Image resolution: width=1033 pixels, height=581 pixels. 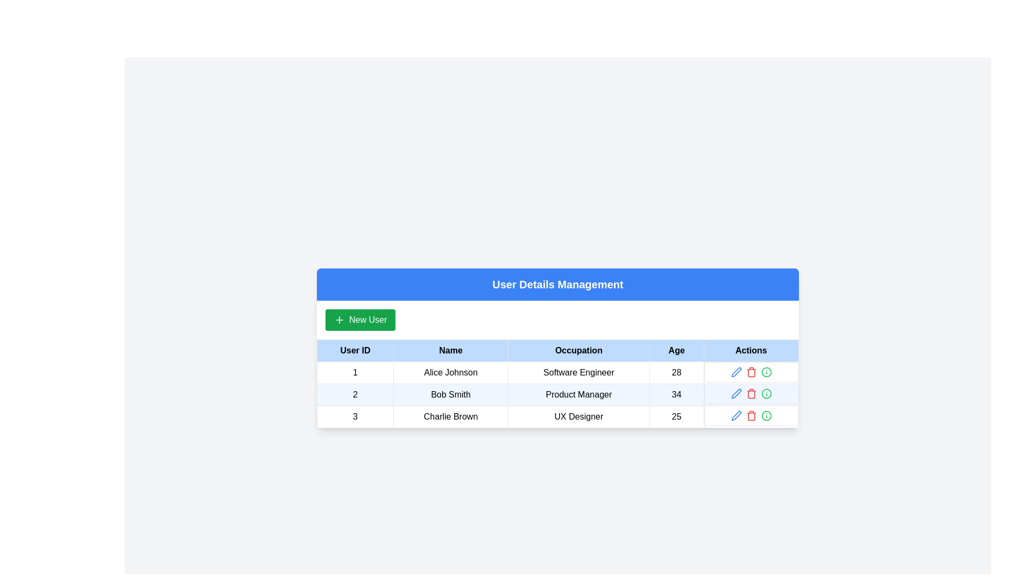 What do you see at coordinates (751, 372) in the screenshot?
I see `the trash bin icon associated with 'Charlie Brown', a UX Designer` at bounding box center [751, 372].